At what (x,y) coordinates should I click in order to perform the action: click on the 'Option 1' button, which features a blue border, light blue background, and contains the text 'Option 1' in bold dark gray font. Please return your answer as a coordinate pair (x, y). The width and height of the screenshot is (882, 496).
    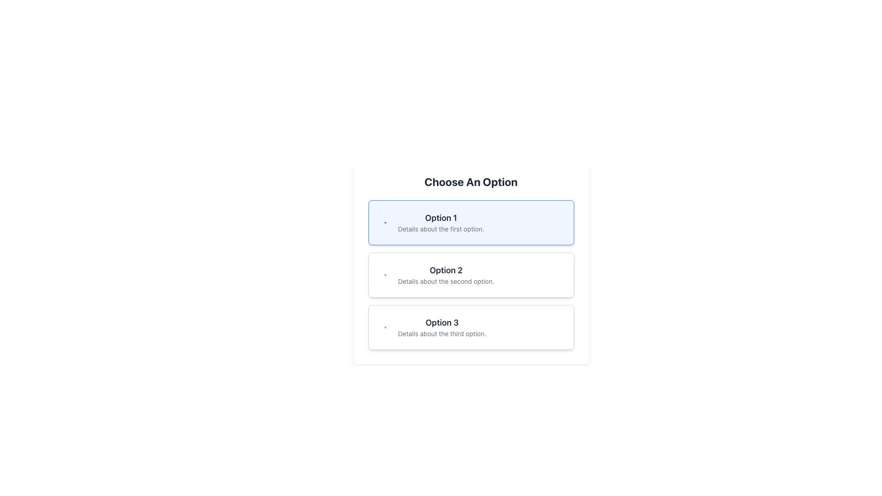
    Looking at the image, I should click on (471, 223).